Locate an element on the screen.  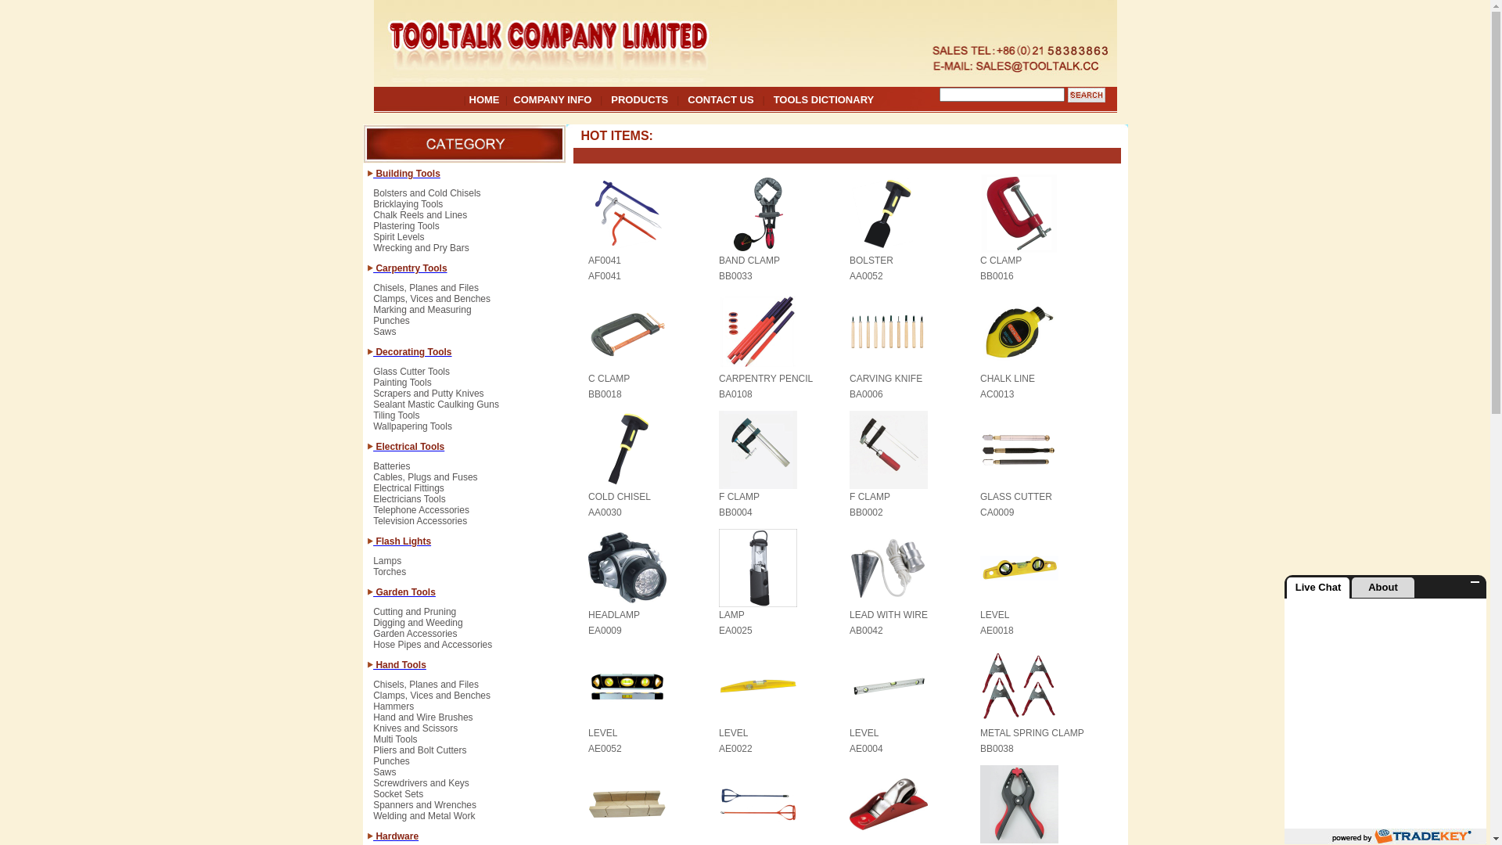
'Scrapers and Putty Knives' is located at coordinates (372, 397).